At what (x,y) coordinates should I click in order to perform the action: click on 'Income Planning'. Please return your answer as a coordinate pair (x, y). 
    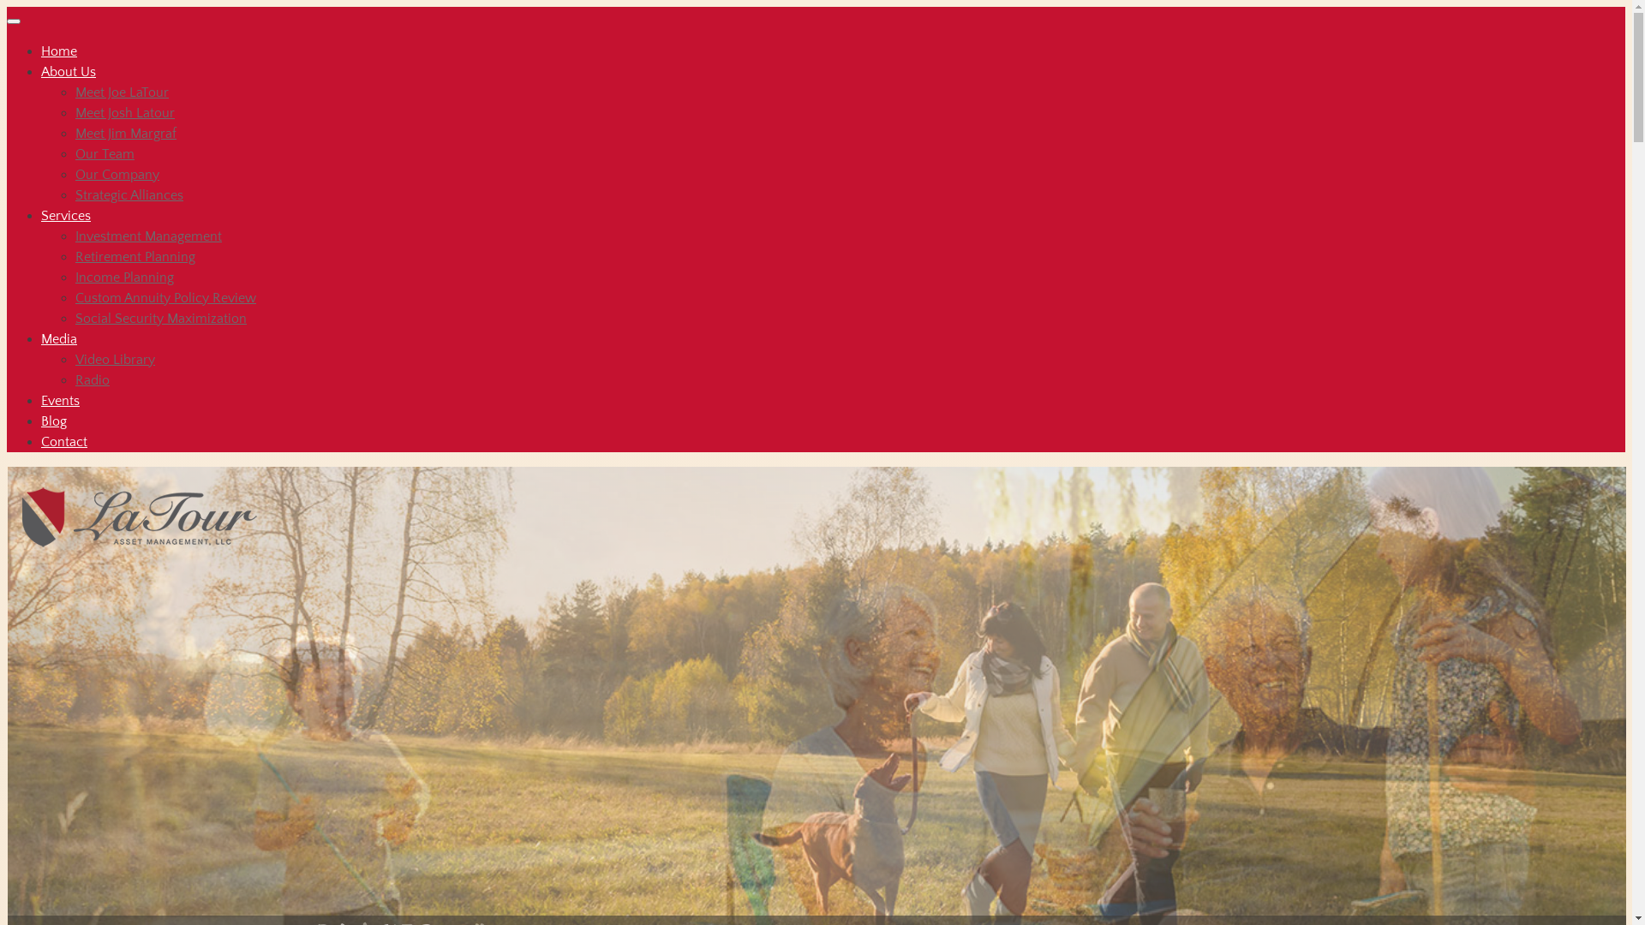
    Looking at the image, I should click on (74, 277).